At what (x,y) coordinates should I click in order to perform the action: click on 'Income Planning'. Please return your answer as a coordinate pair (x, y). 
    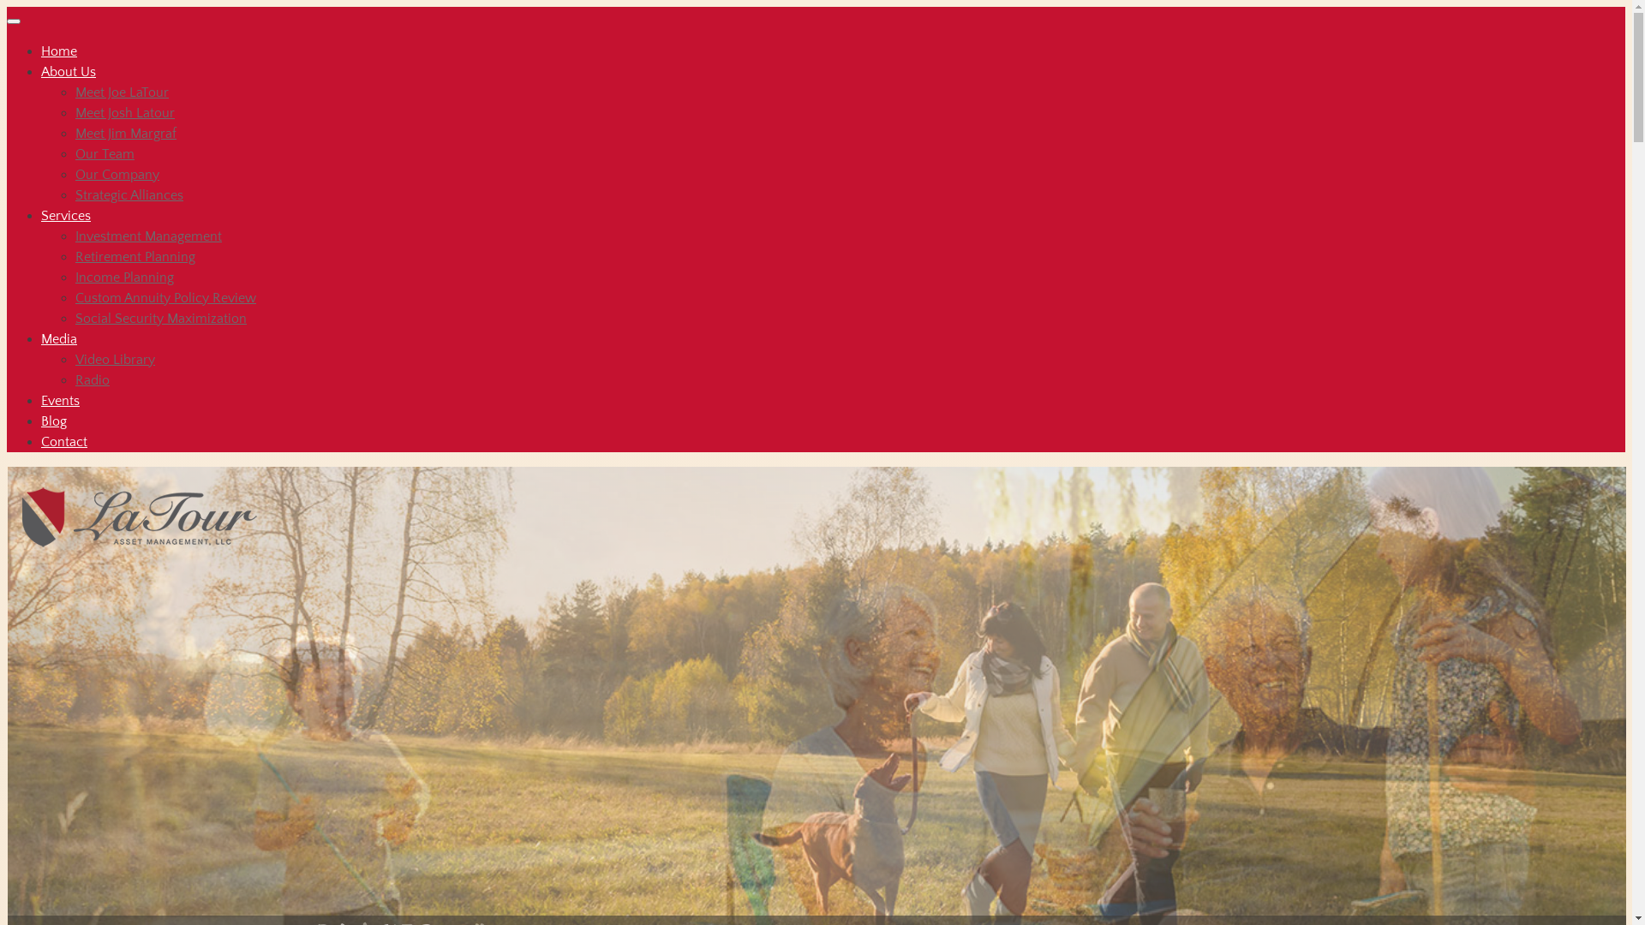
    Looking at the image, I should click on (74, 277).